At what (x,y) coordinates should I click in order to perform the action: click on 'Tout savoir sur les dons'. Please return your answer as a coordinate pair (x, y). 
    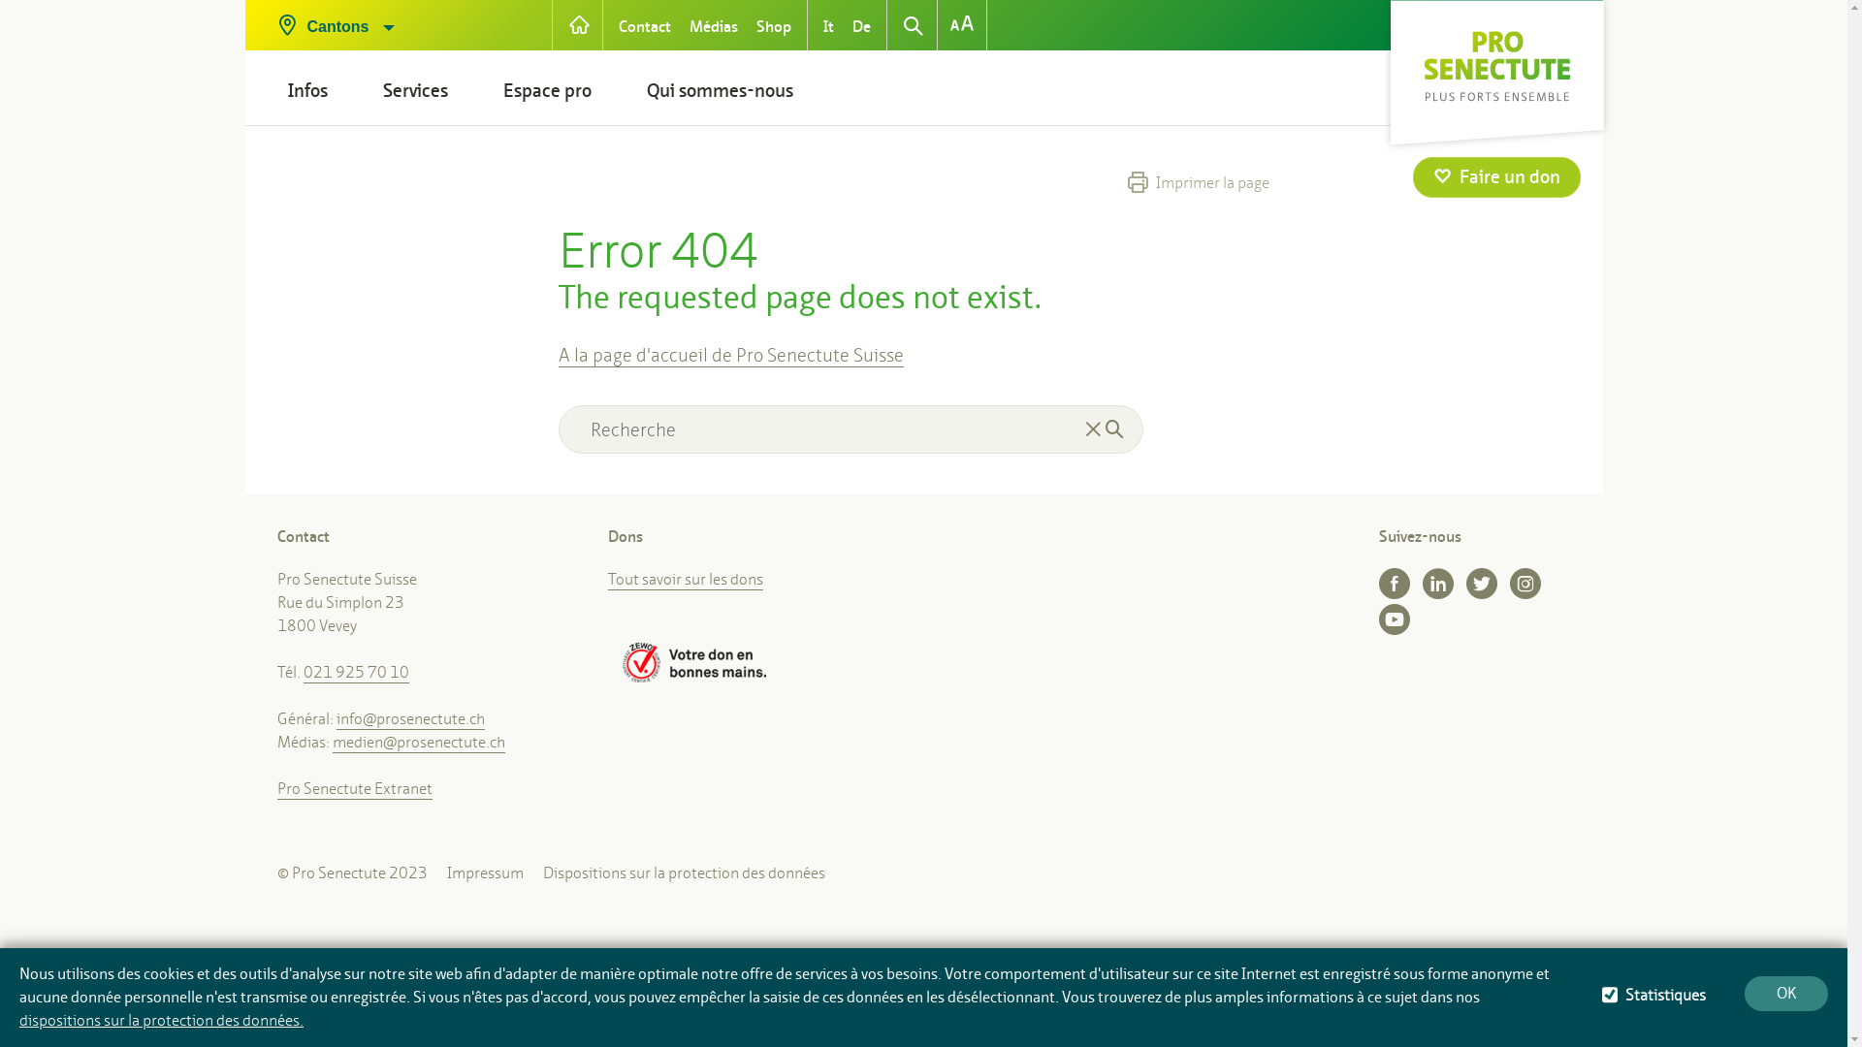
    Looking at the image, I should click on (607, 578).